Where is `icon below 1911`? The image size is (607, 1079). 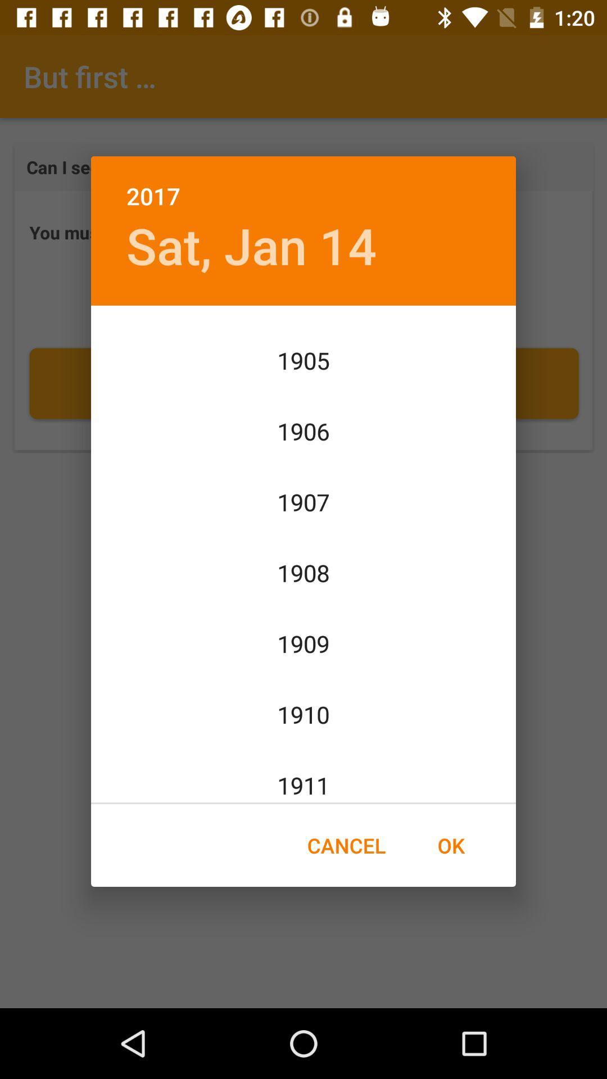 icon below 1911 is located at coordinates (450, 845).